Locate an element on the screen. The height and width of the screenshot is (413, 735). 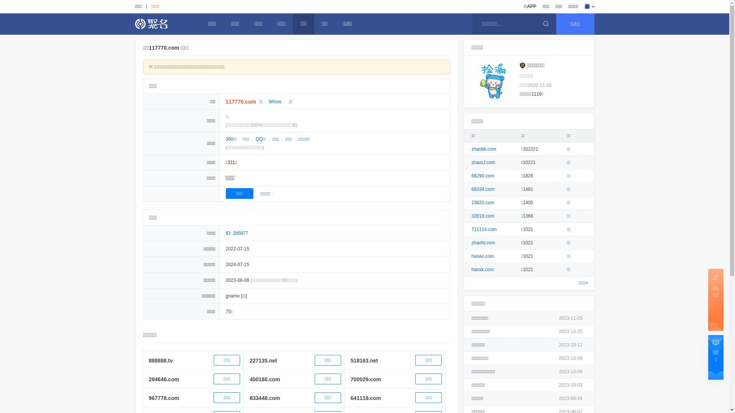
'32819.com' is located at coordinates (482, 216).